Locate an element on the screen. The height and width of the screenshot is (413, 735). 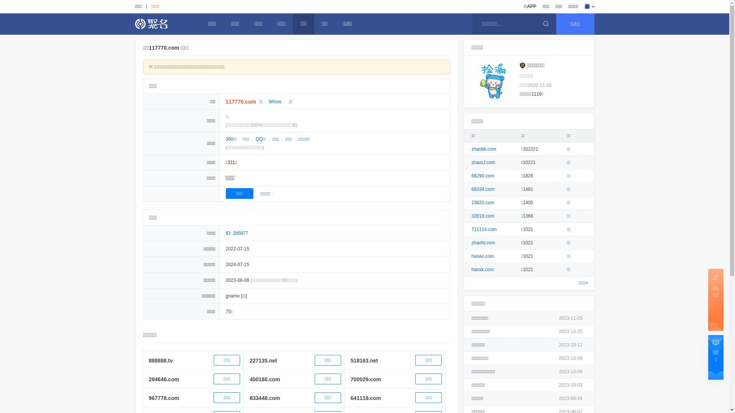
'32819.com' is located at coordinates (482, 216).